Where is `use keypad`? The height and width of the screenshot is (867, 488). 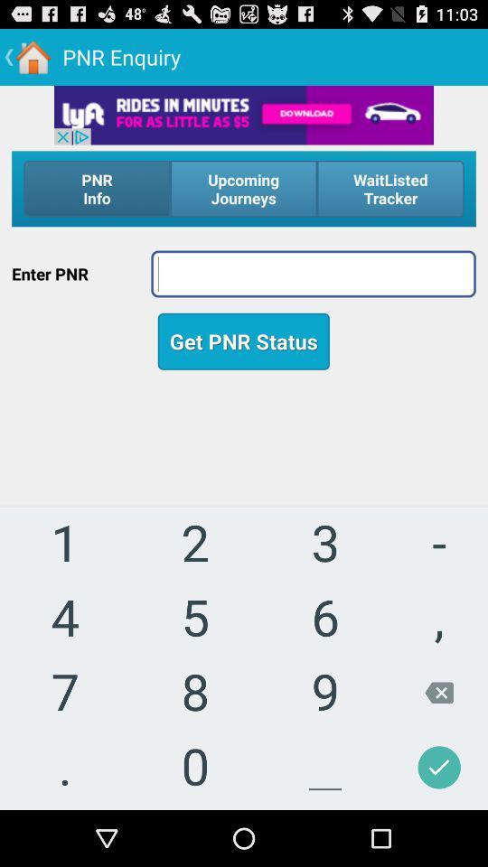
use keypad is located at coordinates (244, 609).